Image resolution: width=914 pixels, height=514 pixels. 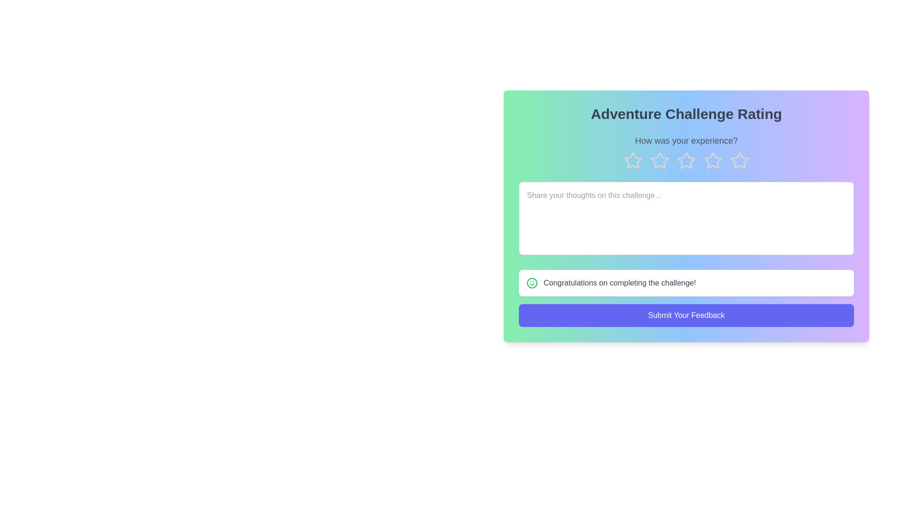 What do you see at coordinates (633, 159) in the screenshot?
I see `the first interactive rating star icon, which is outlined in gray and located below the 'How was your experience?' title, to provide feedback` at bounding box center [633, 159].